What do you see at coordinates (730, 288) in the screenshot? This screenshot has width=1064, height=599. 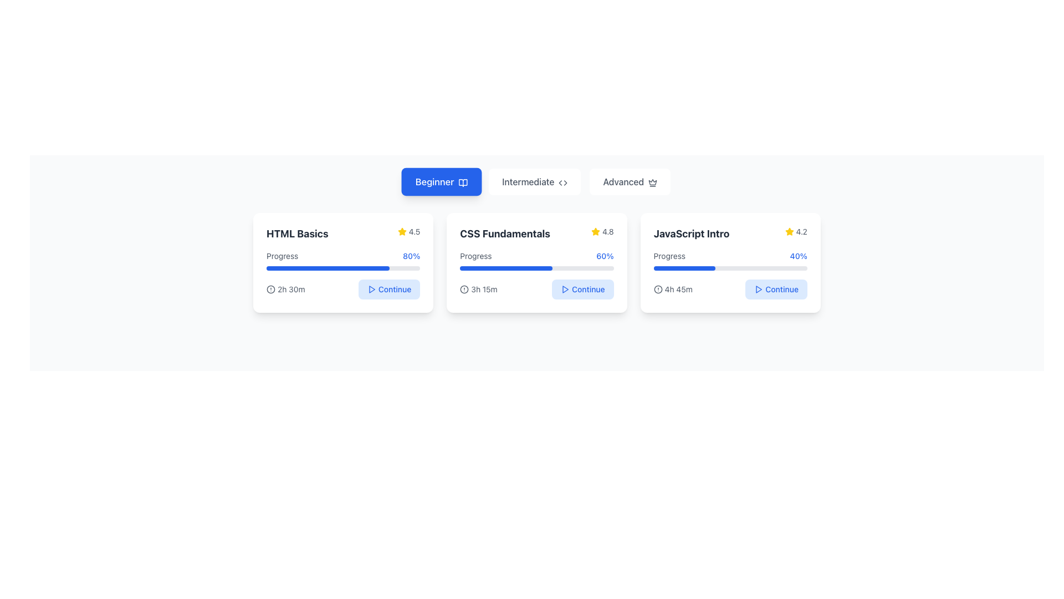 I see `the horizontal layout containing the time indication '4h 45m' and the 'Continue' button for the 'JavaScript Intro' course` at bounding box center [730, 288].